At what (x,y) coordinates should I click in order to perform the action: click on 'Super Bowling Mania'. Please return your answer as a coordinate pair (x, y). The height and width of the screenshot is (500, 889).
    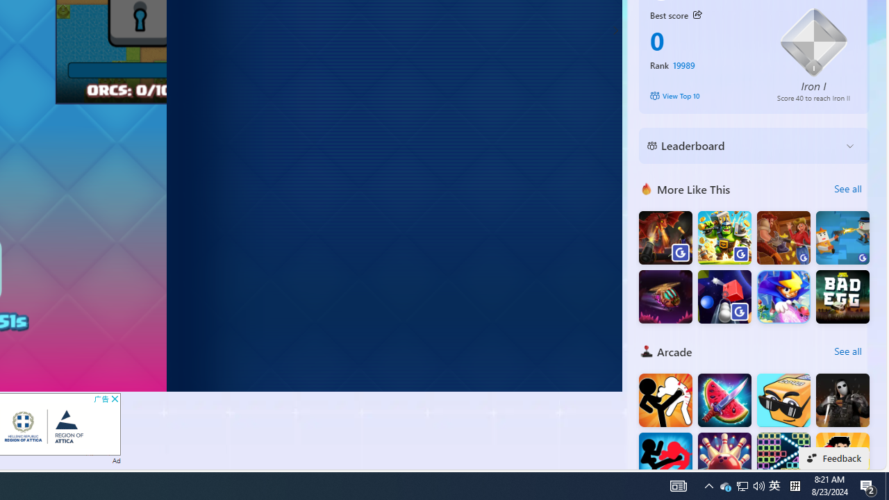
    Looking at the image, I should click on (724, 459).